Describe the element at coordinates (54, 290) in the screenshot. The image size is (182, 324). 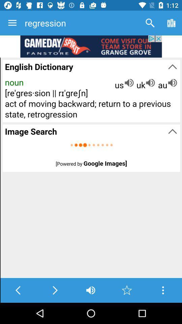
I see `next` at that location.